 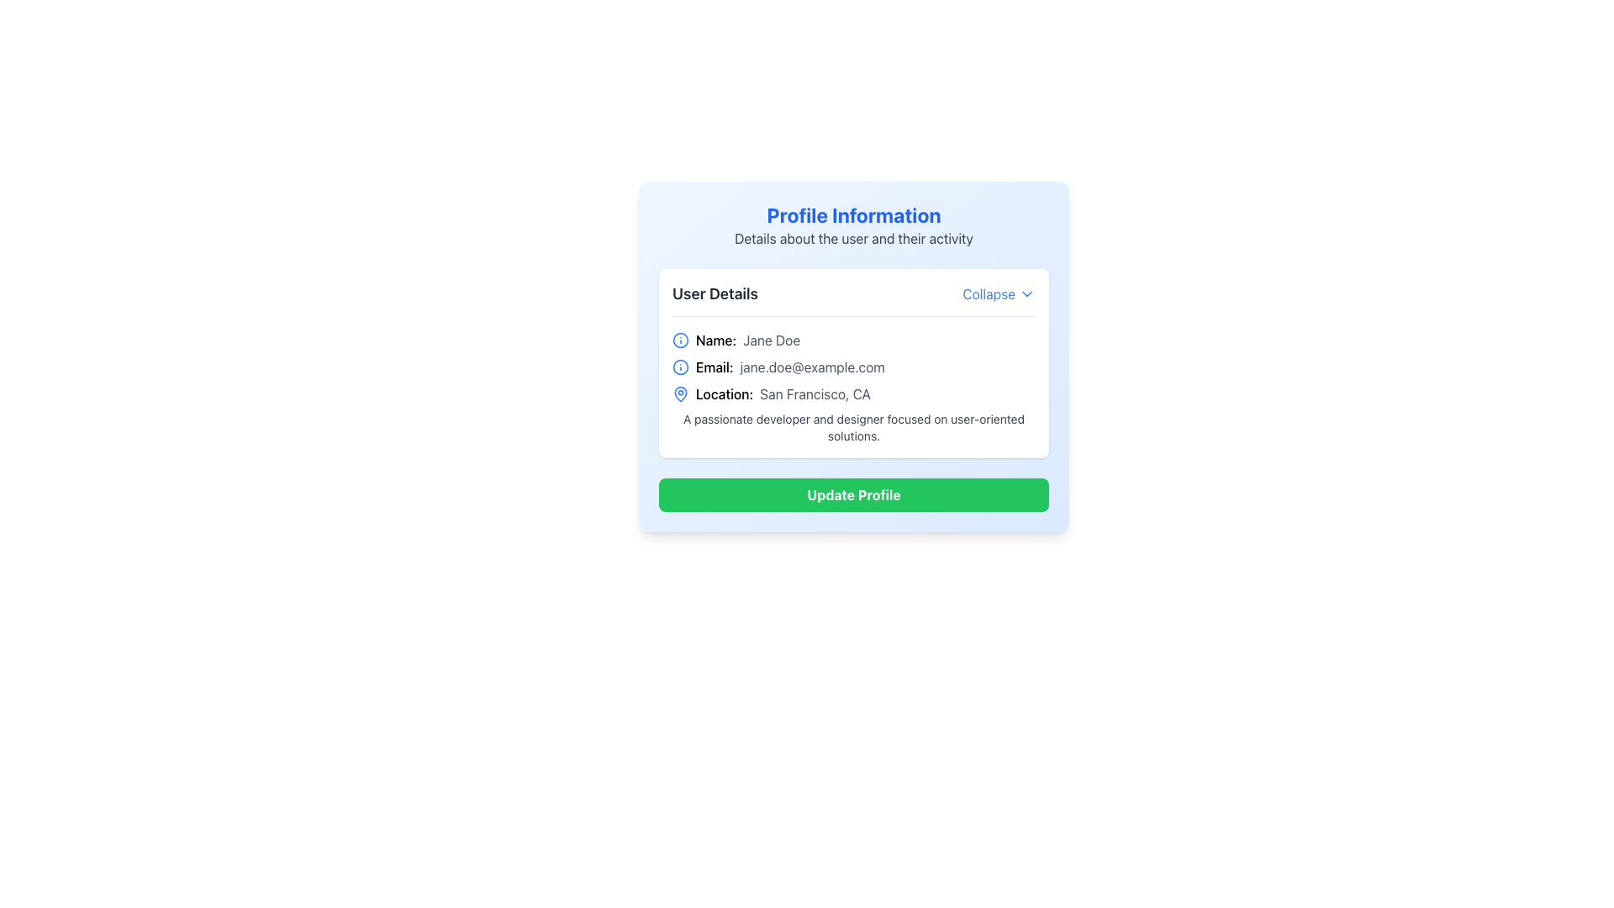 I want to click on the chevron-down icon located at the right edge of the 'Collapse' section header in the 'User Details' section card, so click(x=1026, y=293).